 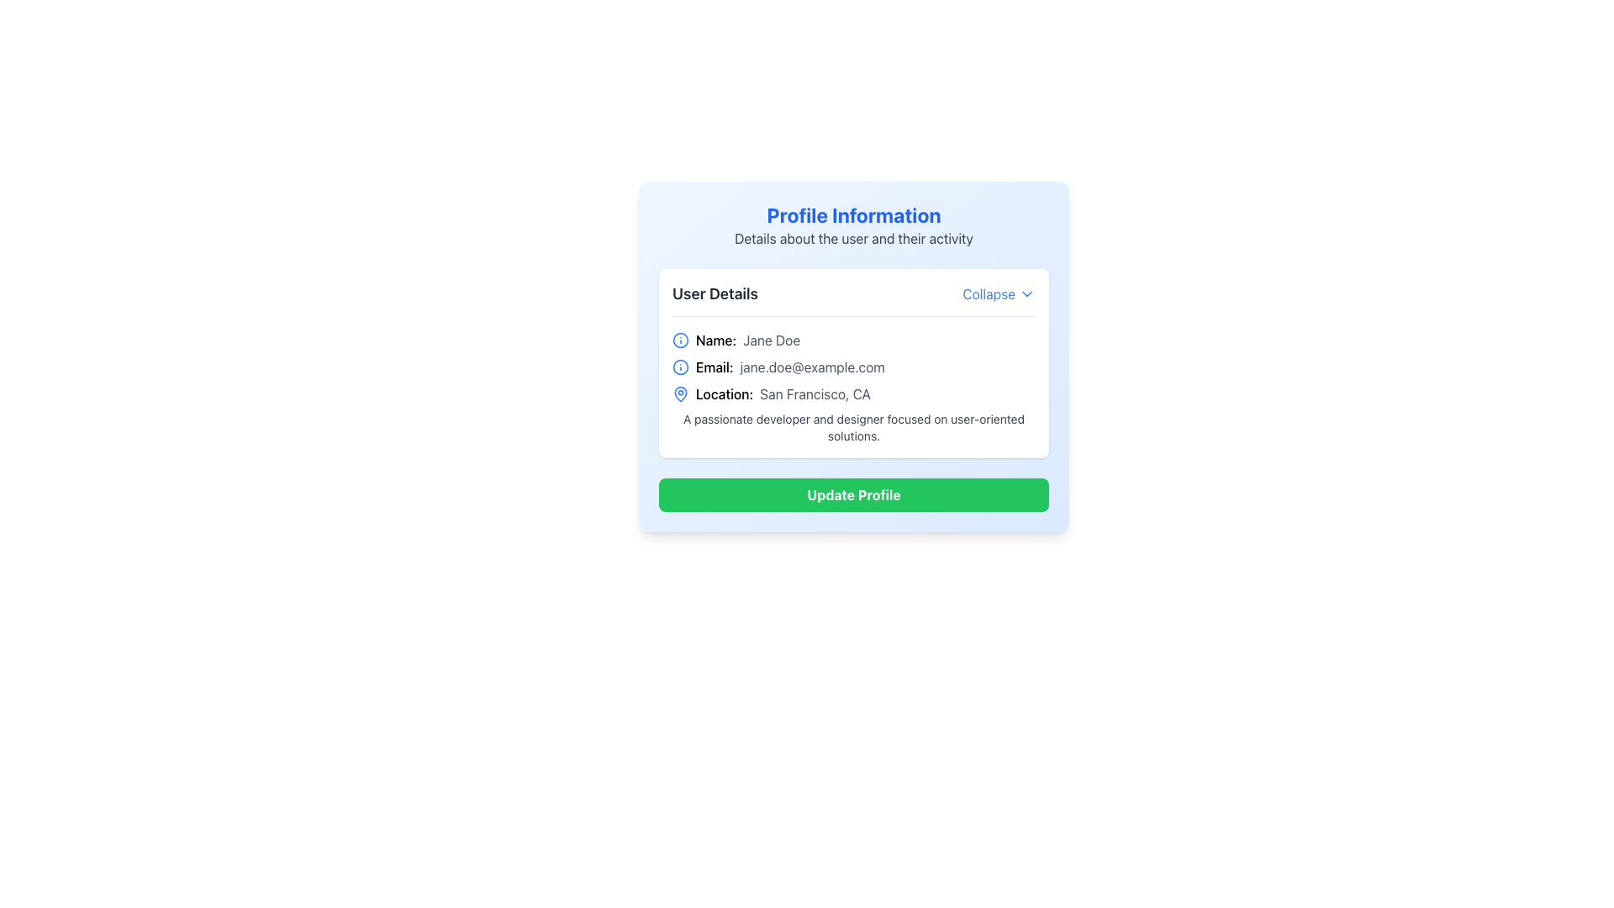 I want to click on the chevron-down icon located at the right edge of the 'Collapse' section header in the 'User Details' section card, so click(x=1026, y=293).